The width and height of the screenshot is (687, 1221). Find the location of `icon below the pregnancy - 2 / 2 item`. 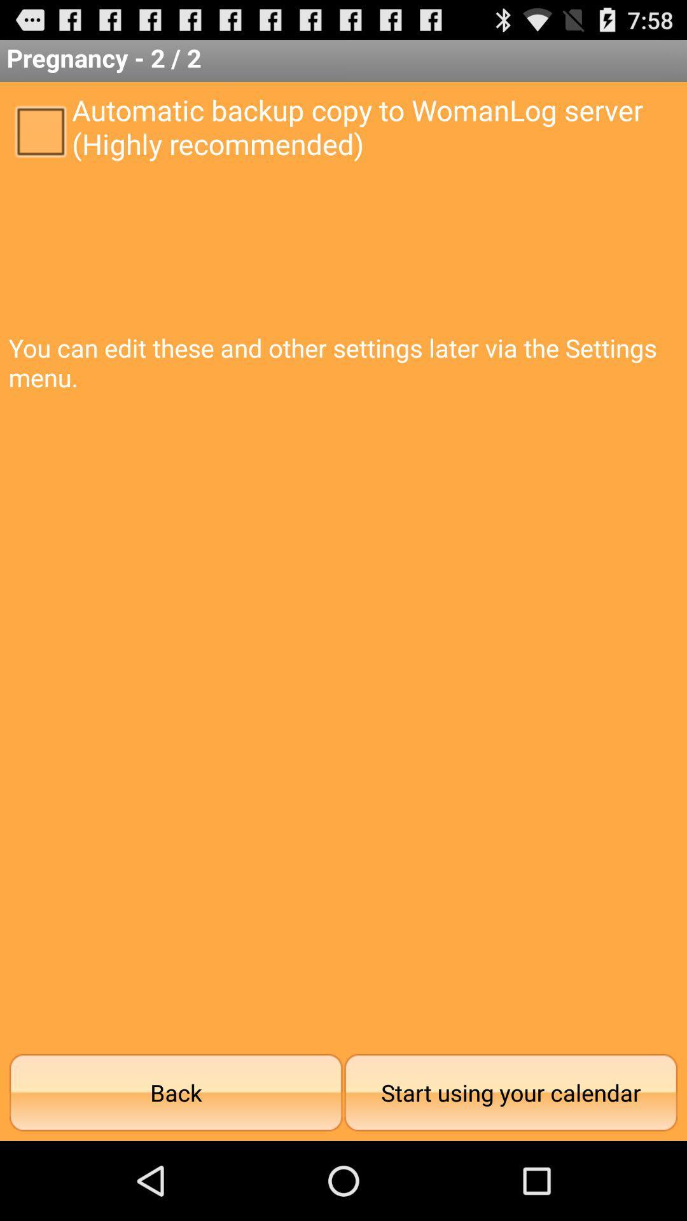

icon below the pregnancy - 2 / 2 item is located at coordinates (39, 130).